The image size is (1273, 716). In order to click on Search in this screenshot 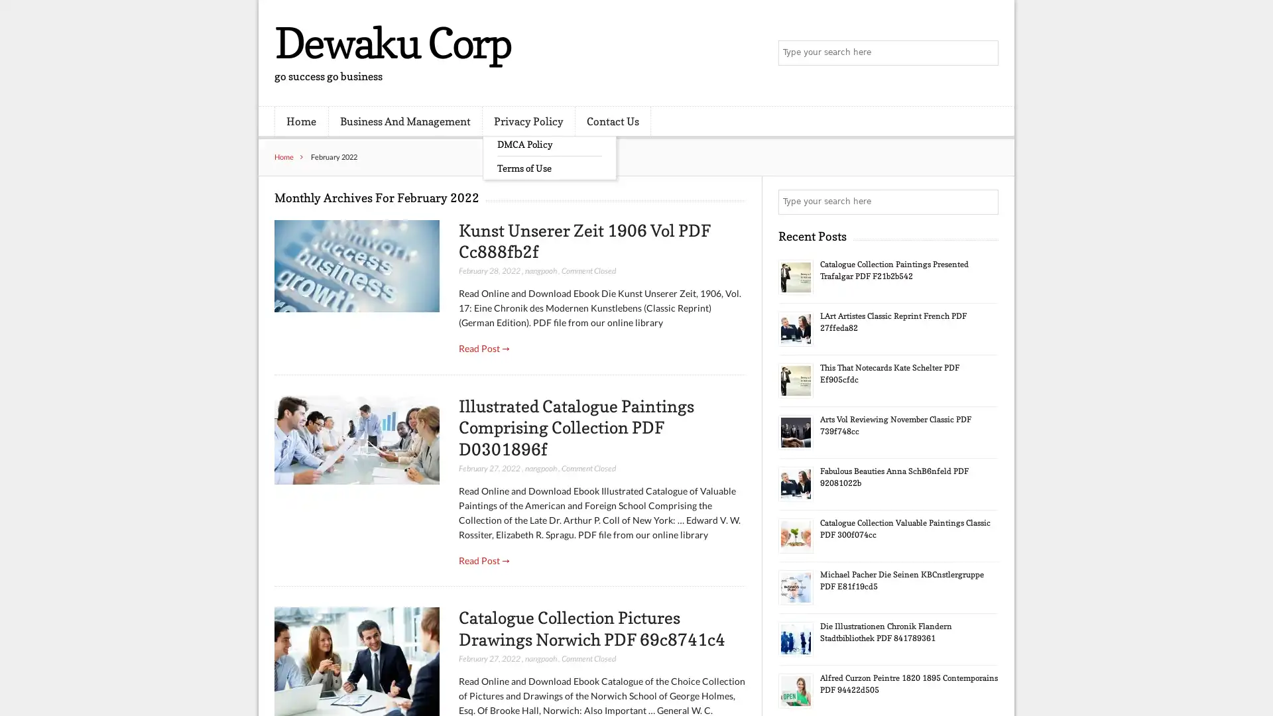, I will do `click(985, 202)`.